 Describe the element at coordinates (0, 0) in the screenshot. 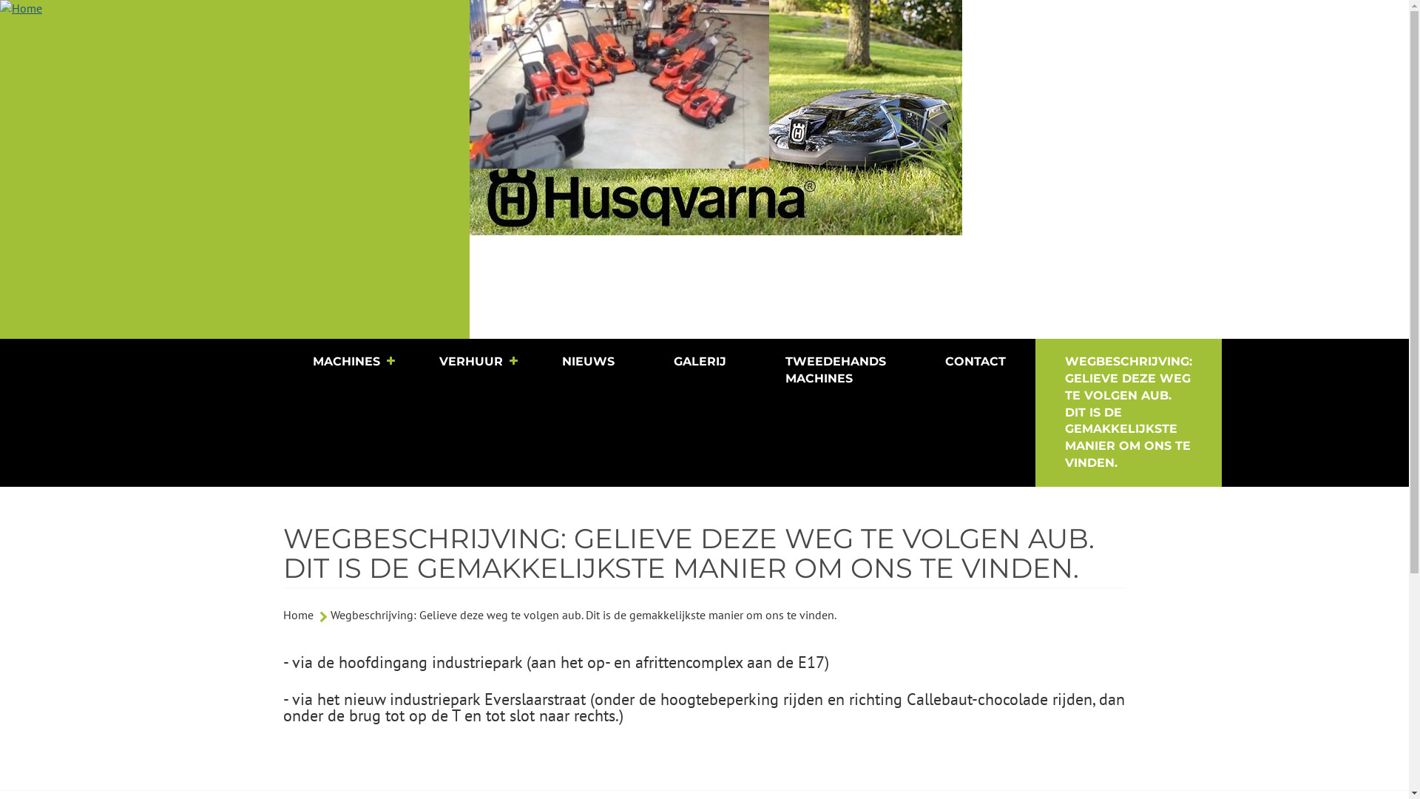

I see `'Overslaan en naar de inhoud gaan'` at that location.